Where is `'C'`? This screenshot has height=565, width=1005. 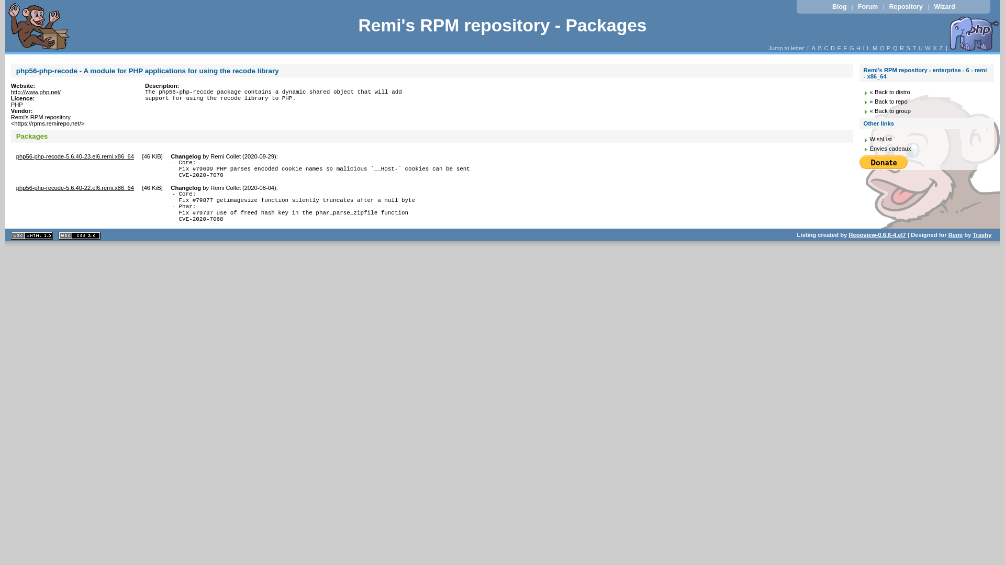 'C' is located at coordinates (825, 48).